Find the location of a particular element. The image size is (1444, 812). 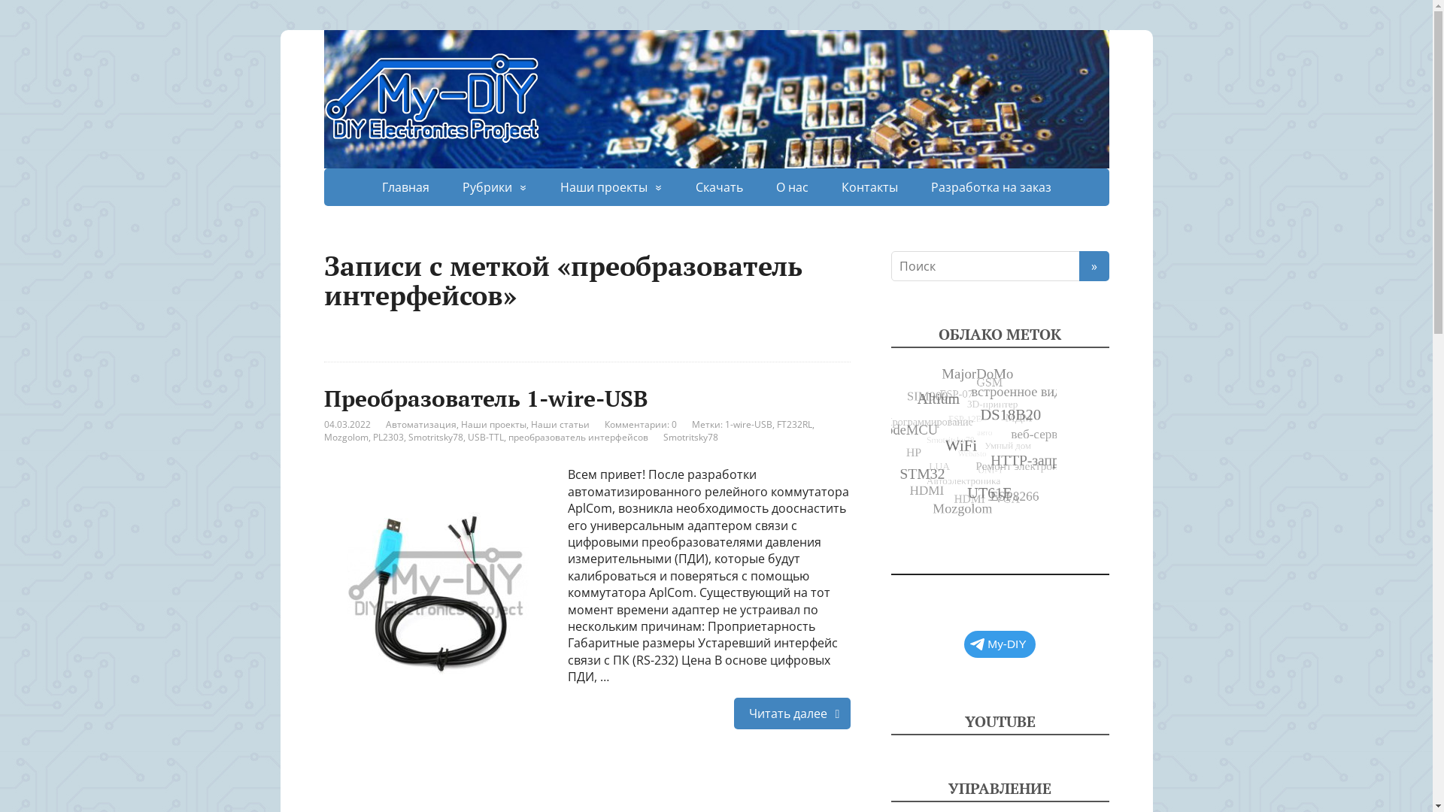

'USB-TTL' is located at coordinates (486, 437).